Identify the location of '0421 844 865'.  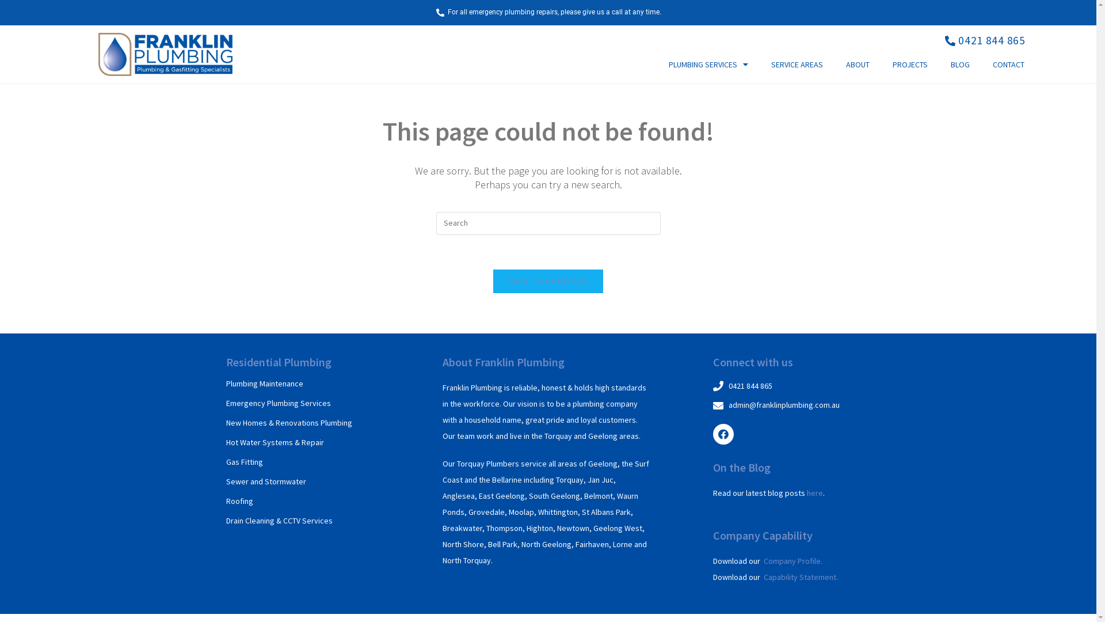
(983, 40).